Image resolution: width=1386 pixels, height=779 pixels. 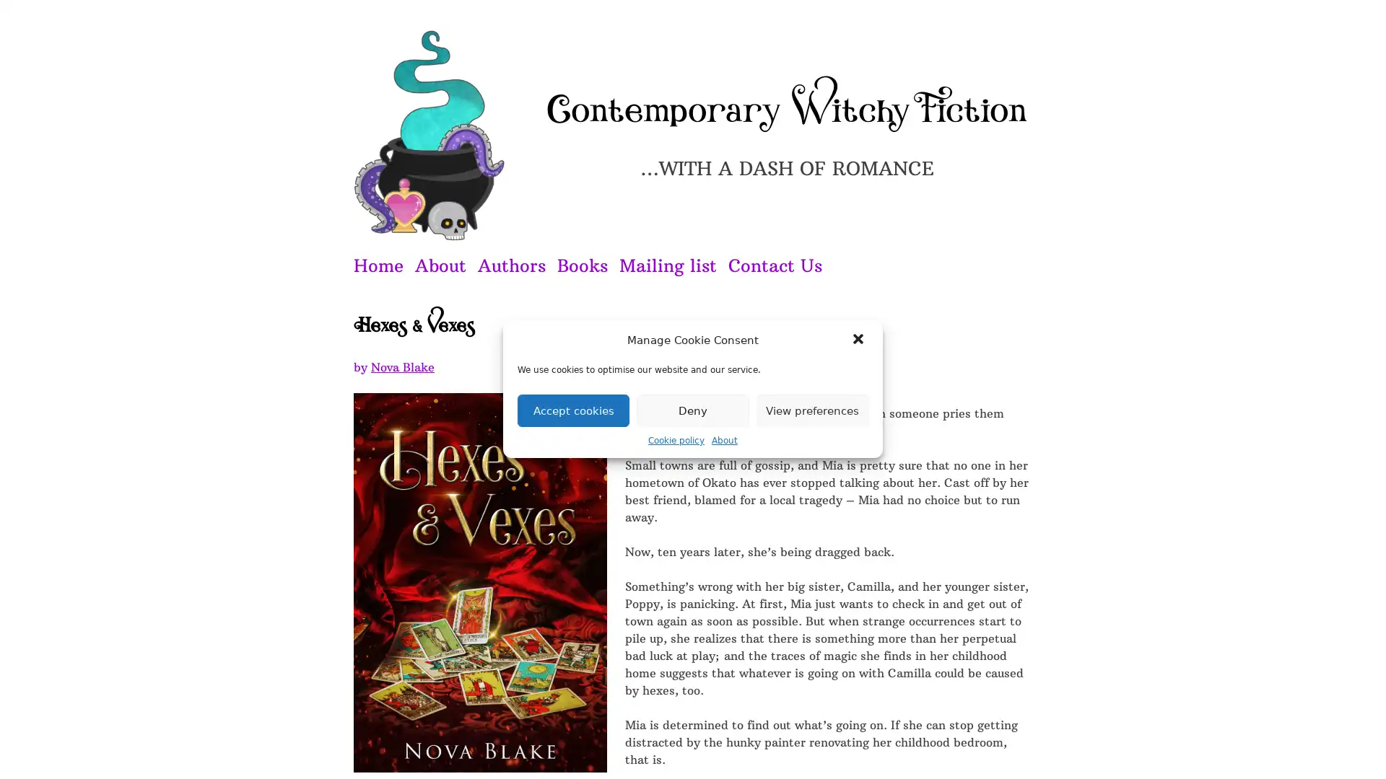 I want to click on Accept cookies, so click(x=572, y=410).